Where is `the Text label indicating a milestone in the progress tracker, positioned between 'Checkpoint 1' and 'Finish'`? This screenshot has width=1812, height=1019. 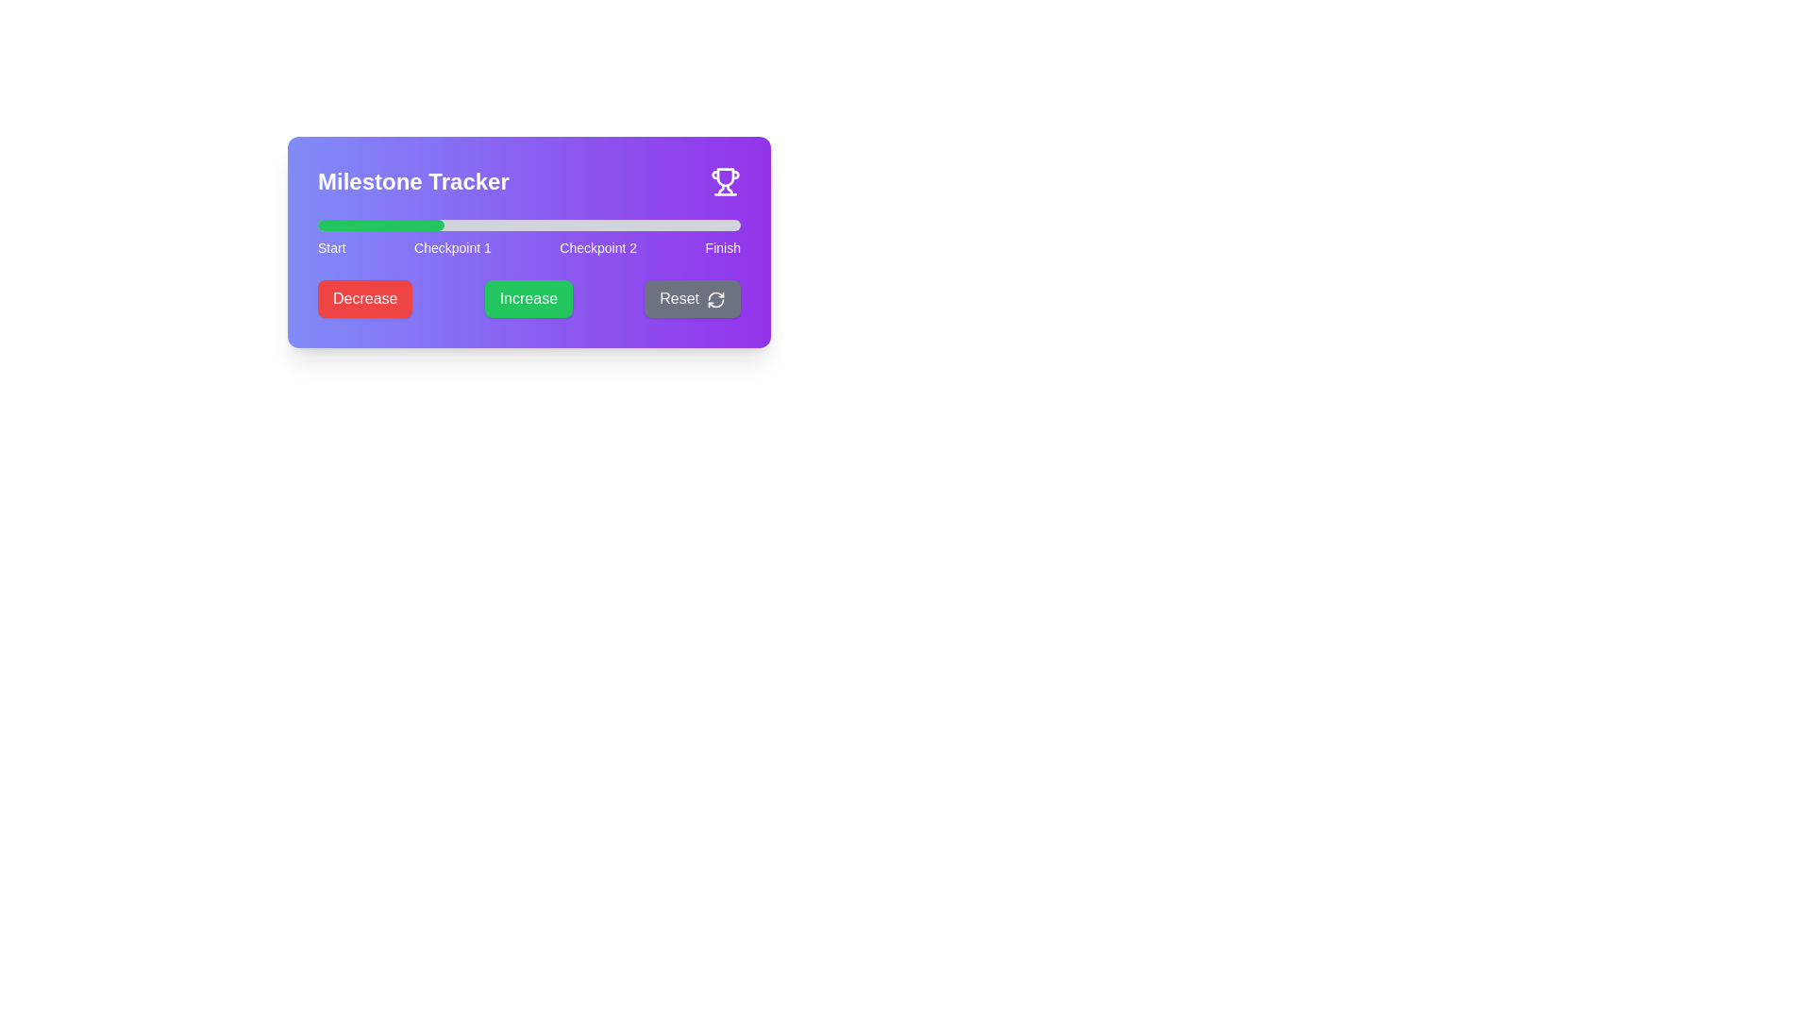 the Text label indicating a milestone in the progress tracker, positioned between 'Checkpoint 1' and 'Finish' is located at coordinates (597, 246).